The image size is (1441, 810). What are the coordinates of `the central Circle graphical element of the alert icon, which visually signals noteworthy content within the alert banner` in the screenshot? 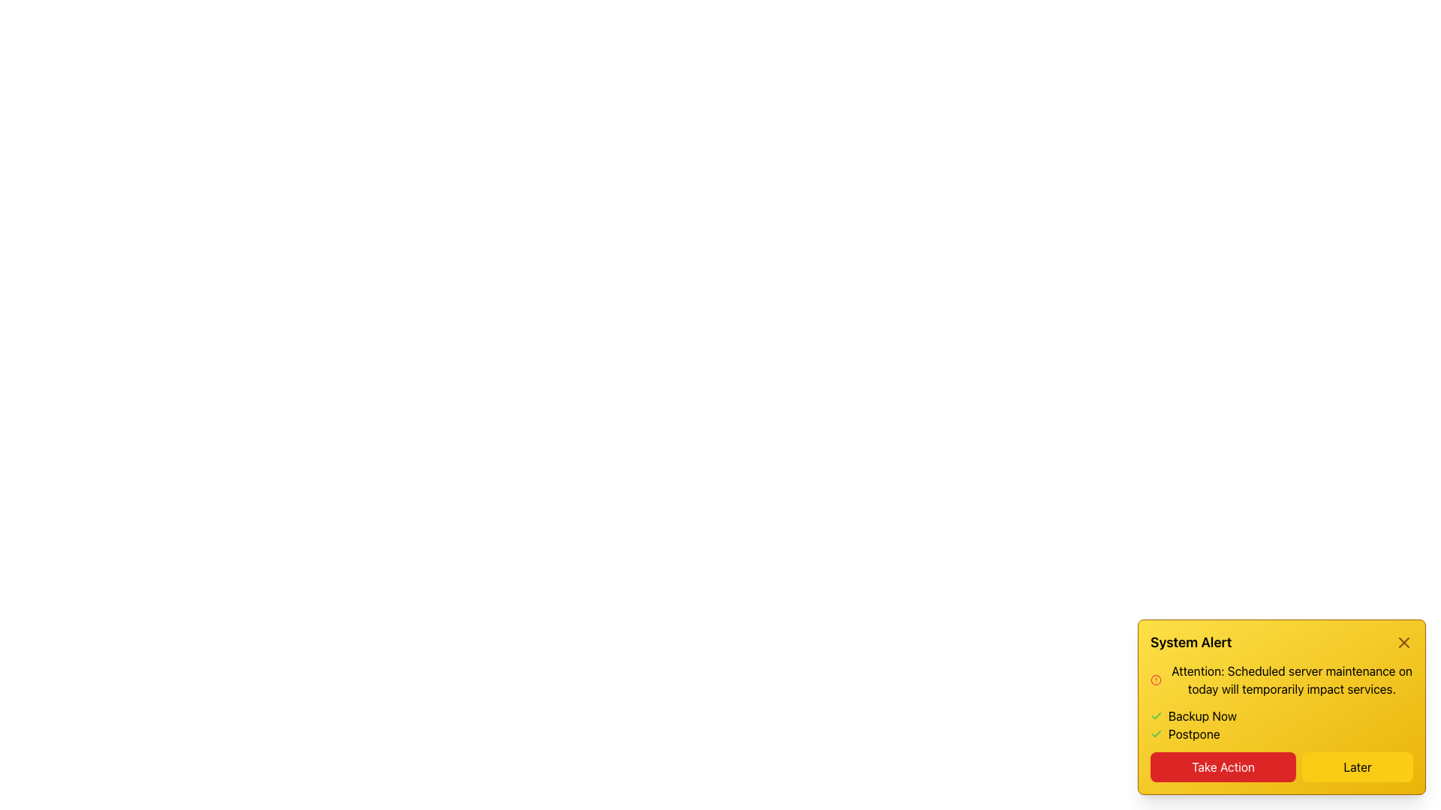 It's located at (1155, 679).